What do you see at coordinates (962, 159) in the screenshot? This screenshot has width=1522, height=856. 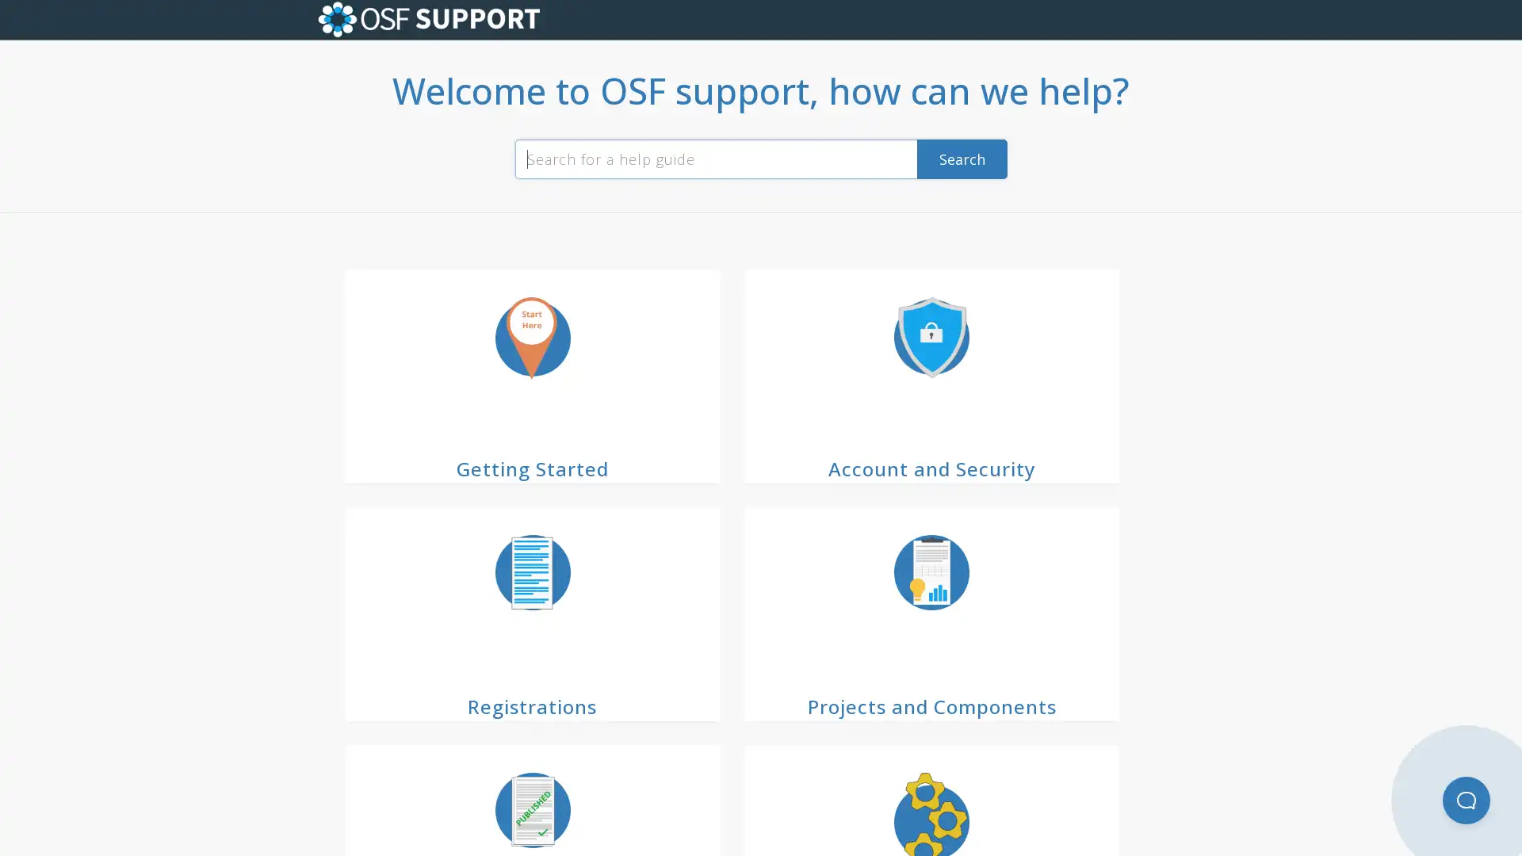 I see `Search` at bounding box center [962, 159].